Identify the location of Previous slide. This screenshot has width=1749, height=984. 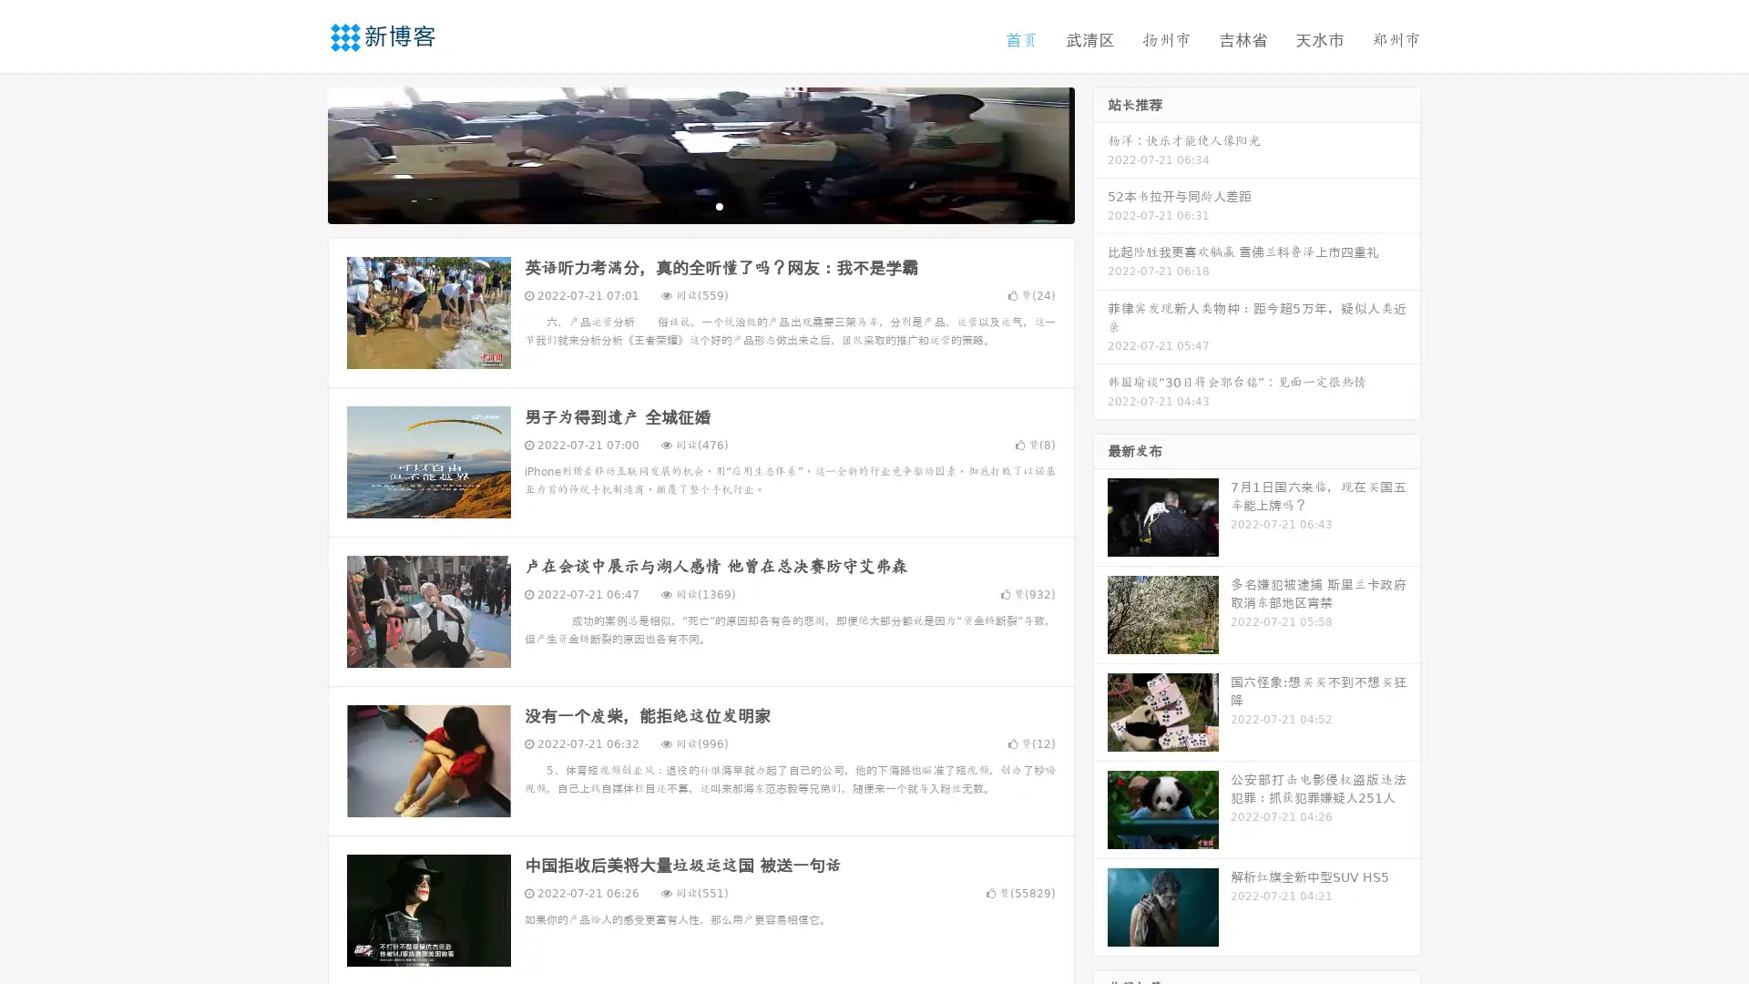
(301, 153).